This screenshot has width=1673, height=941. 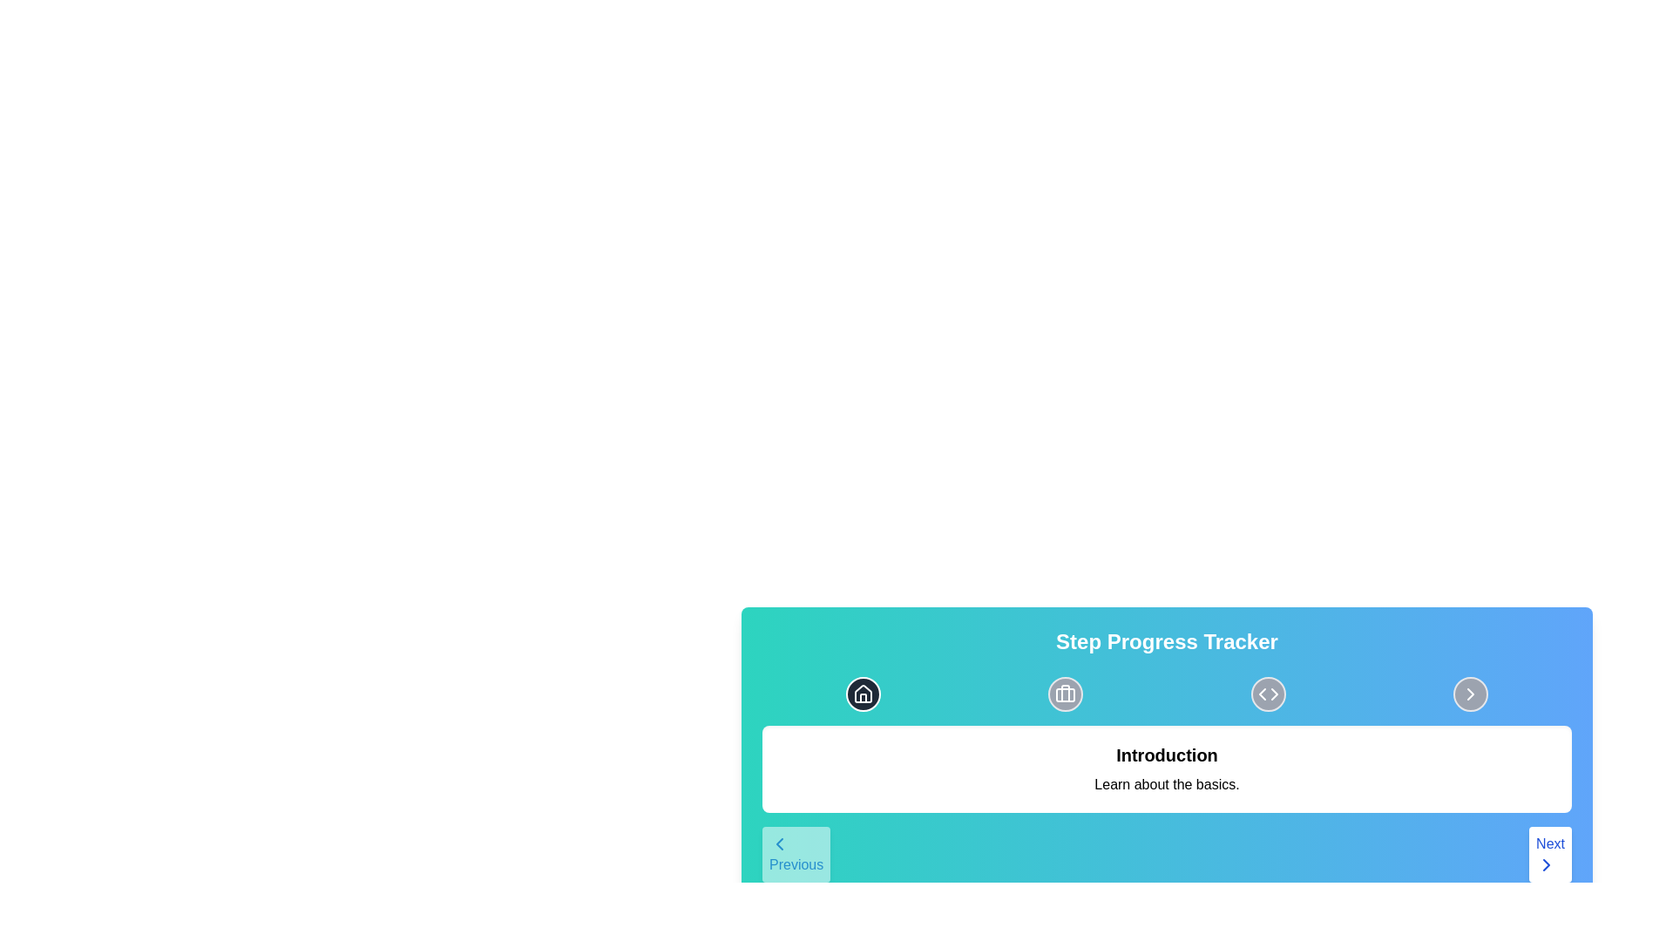 What do you see at coordinates (864, 693) in the screenshot?
I see `the home icon located in the toolbar, which symbolizes navigation to the home page` at bounding box center [864, 693].